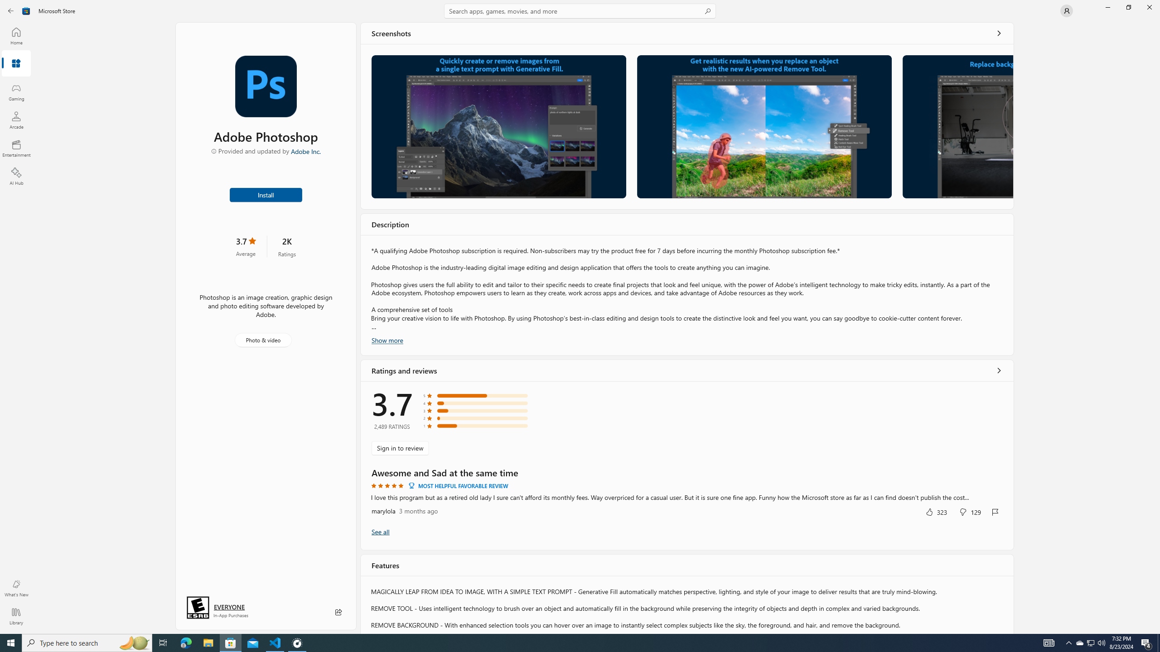  What do you see at coordinates (935, 511) in the screenshot?
I see `'Yes, this was helpful. 323 votes.'` at bounding box center [935, 511].